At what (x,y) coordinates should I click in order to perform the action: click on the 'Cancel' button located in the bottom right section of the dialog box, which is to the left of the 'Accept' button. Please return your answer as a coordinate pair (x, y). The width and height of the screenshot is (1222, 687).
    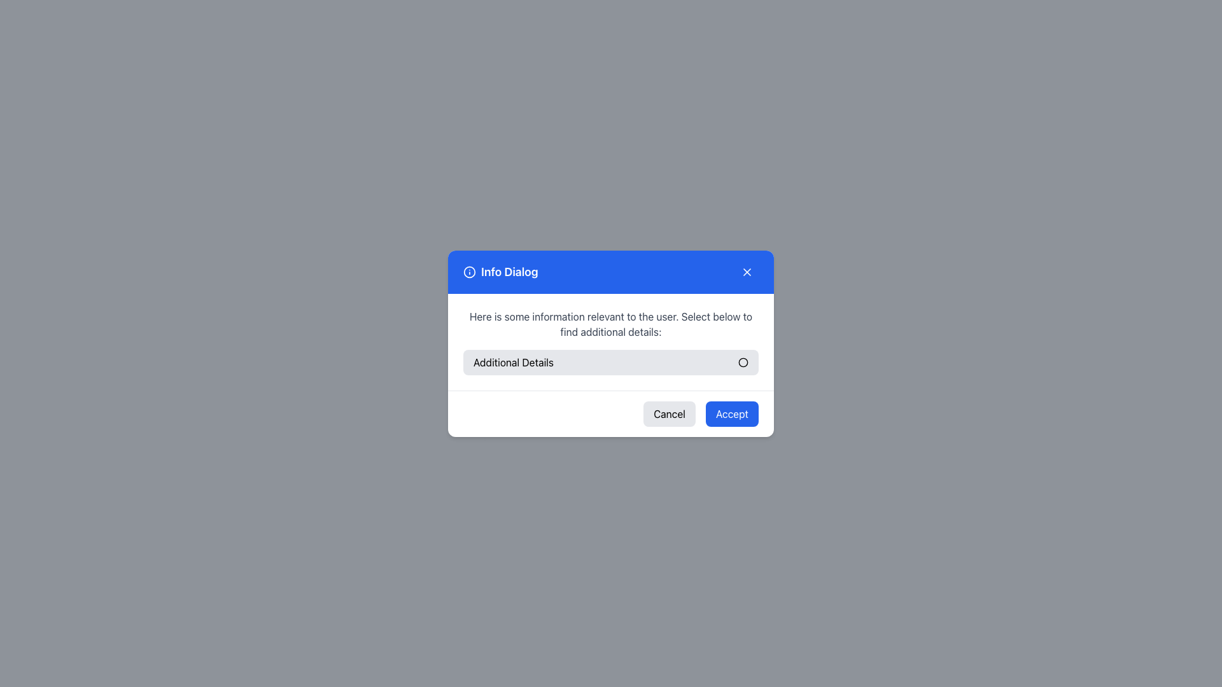
    Looking at the image, I should click on (668, 413).